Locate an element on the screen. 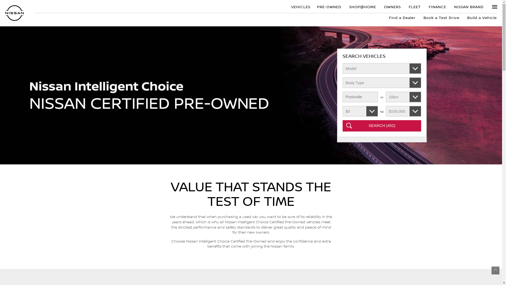 This screenshot has height=285, width=506. 'Book a Test Drive' is located at coordinates (441, 17).